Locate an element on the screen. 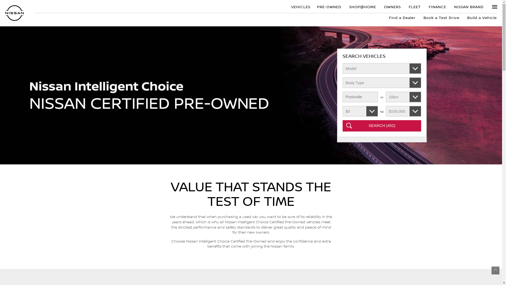 This screenshot has height=285, width=506. 'Book a Test Drive' is located at coordinates (441, 17).